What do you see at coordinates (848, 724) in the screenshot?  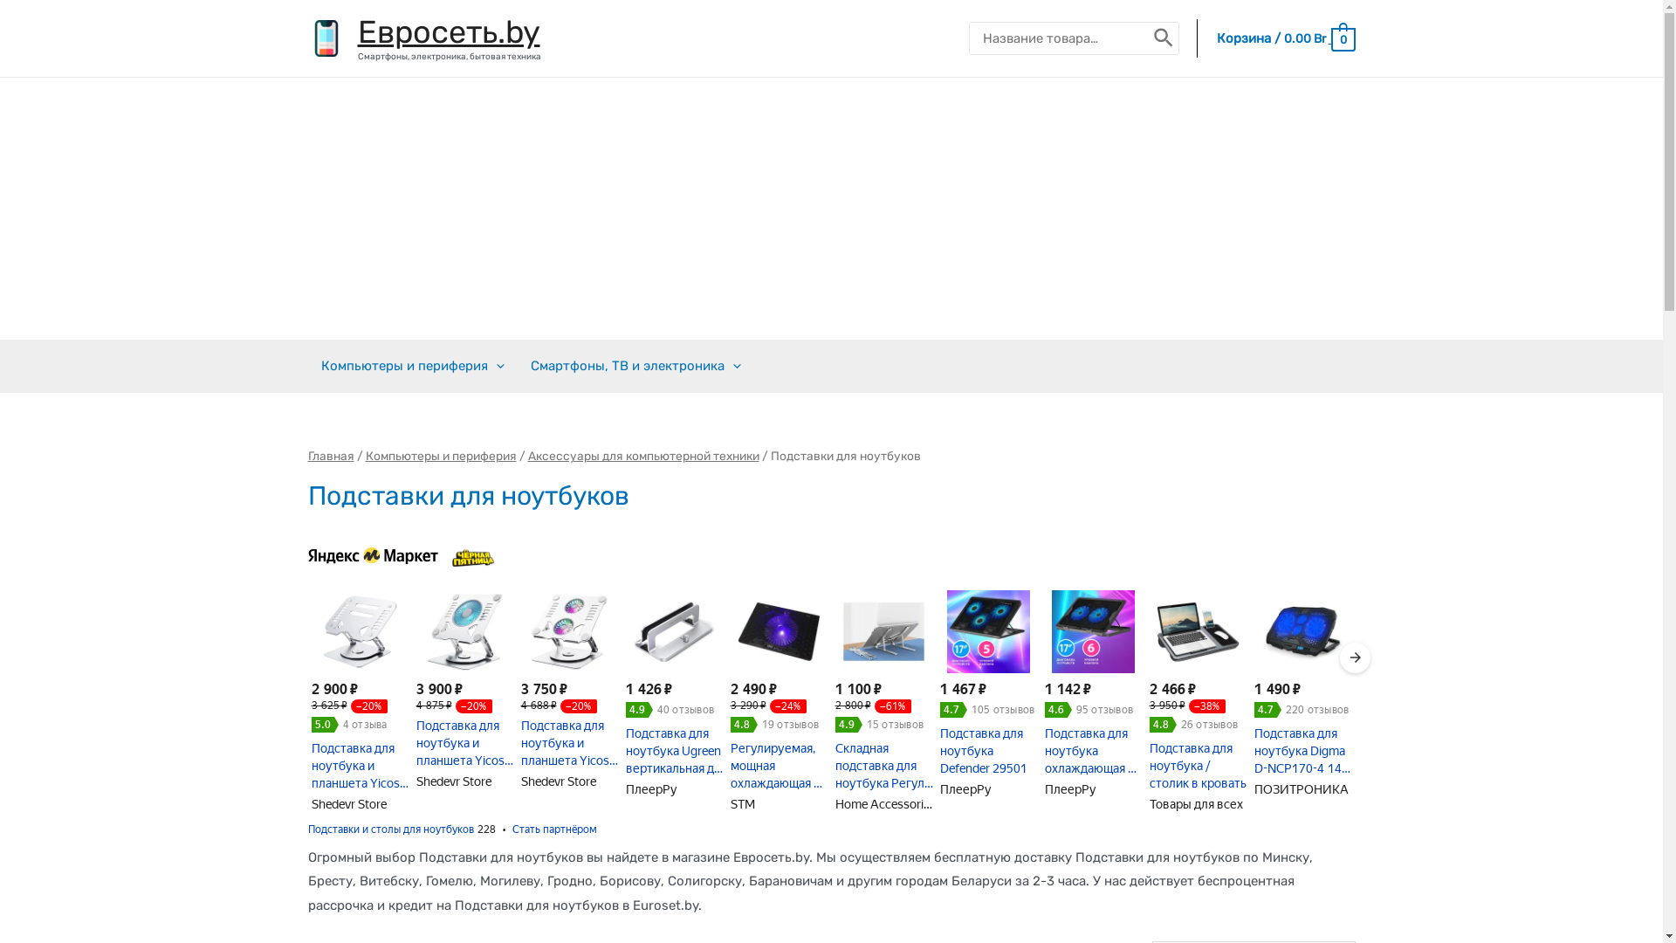 I see `'4.9'` at bounding box center [848, 724].